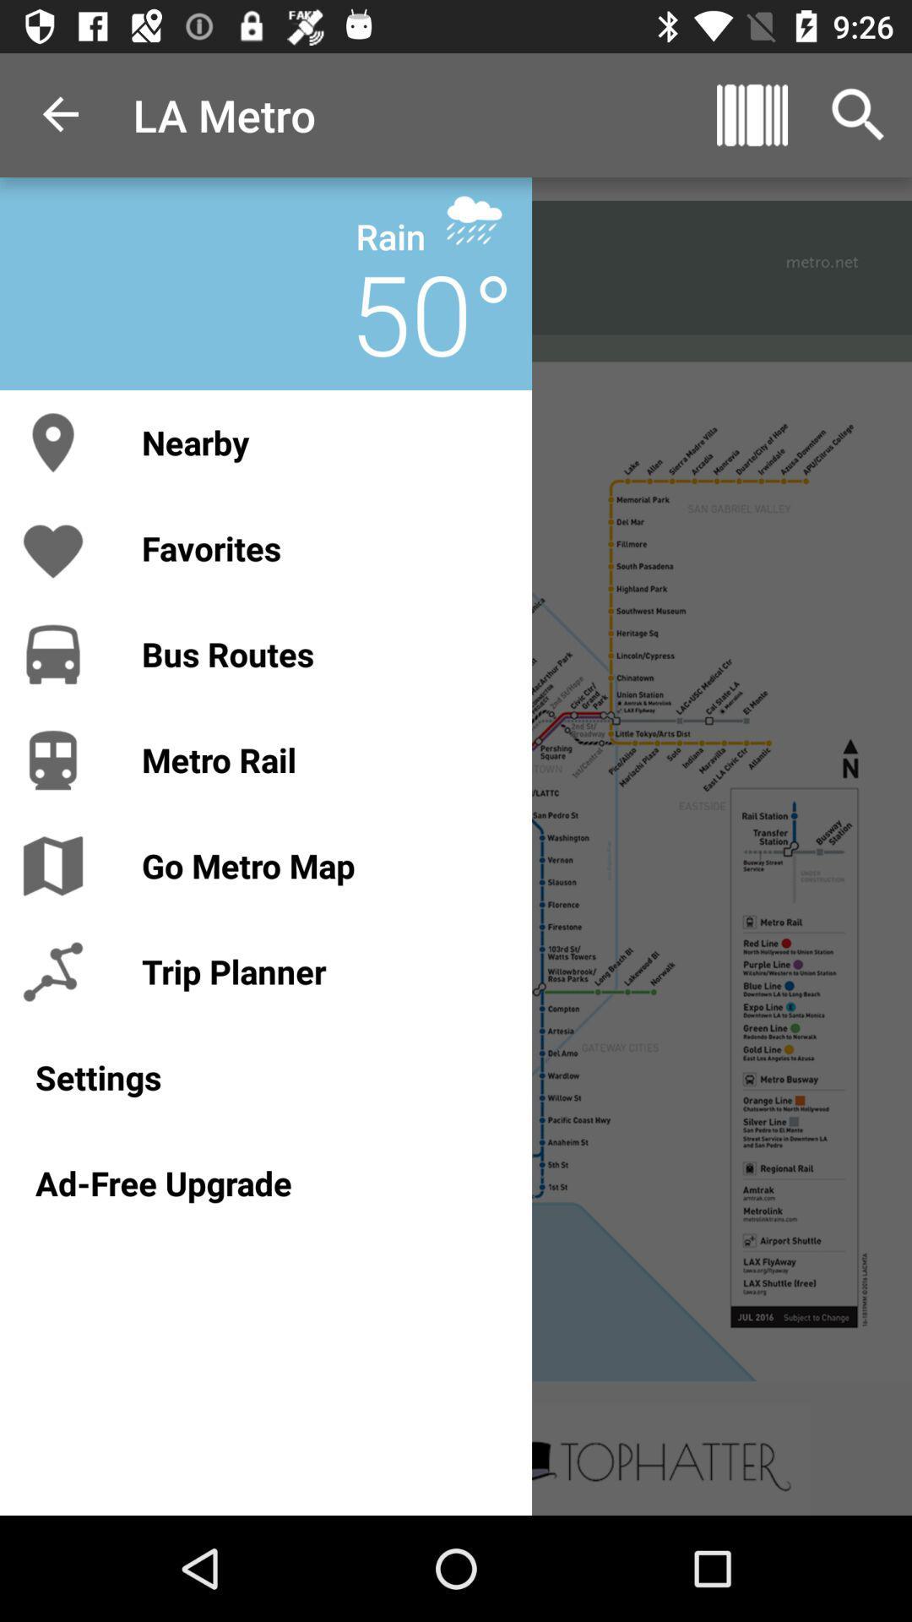 The height and width of the screenshot is (1622, 912). Describe the element at coordinates (319, 759) in the screenshot. I see `metro rail` at that location.